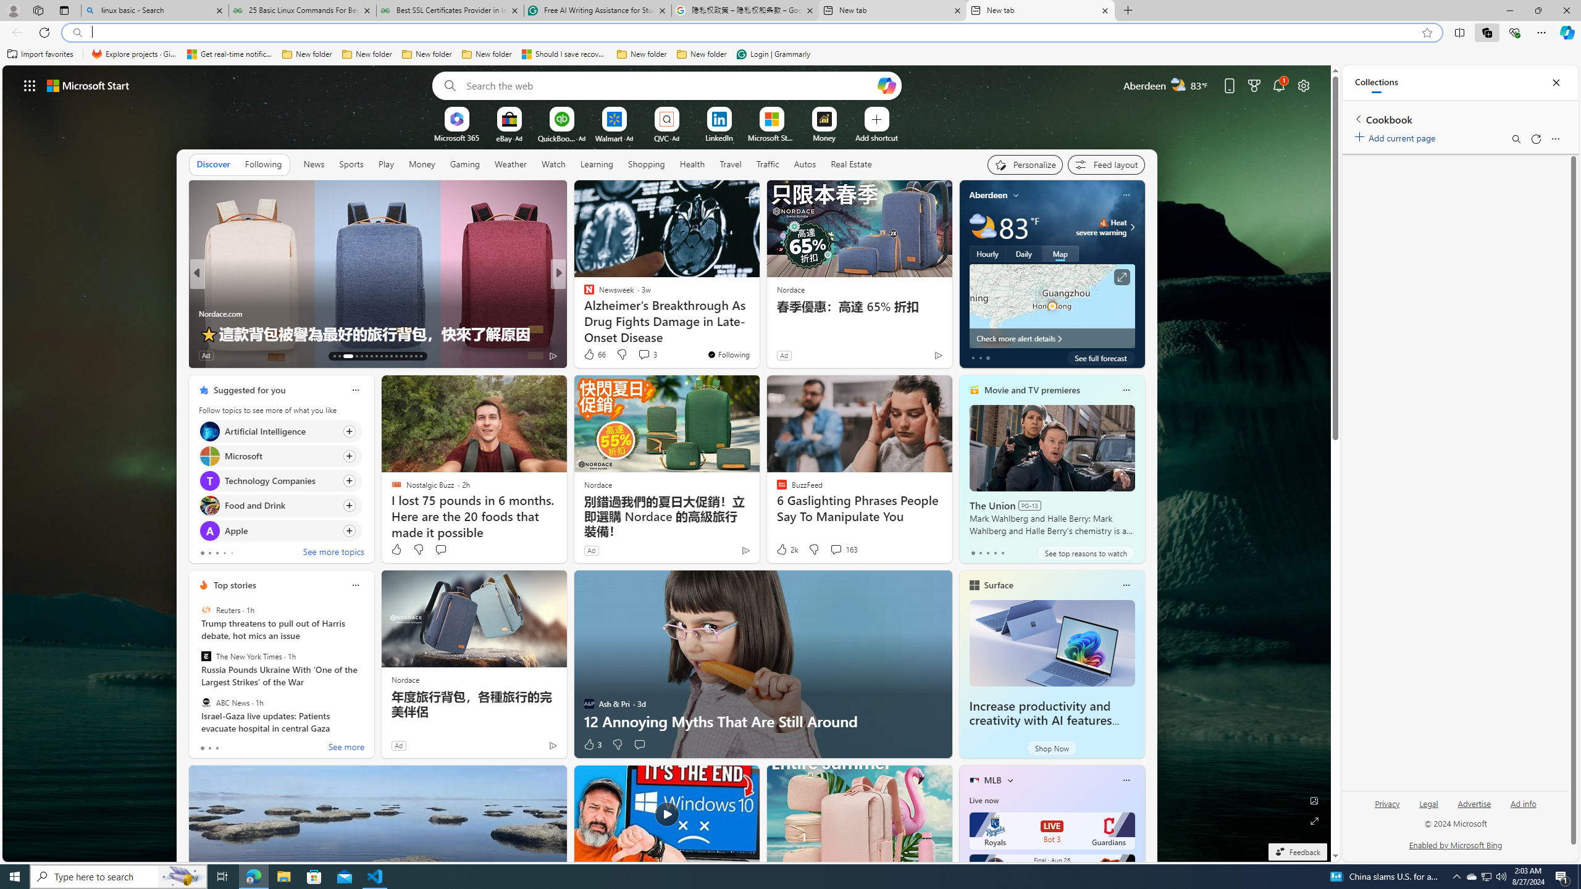 This screenshot has width=1581, height=889. Describe the element at coordinates (400, 356) in the screenshot. I see `'AutomationID: tab-25'` at that location.